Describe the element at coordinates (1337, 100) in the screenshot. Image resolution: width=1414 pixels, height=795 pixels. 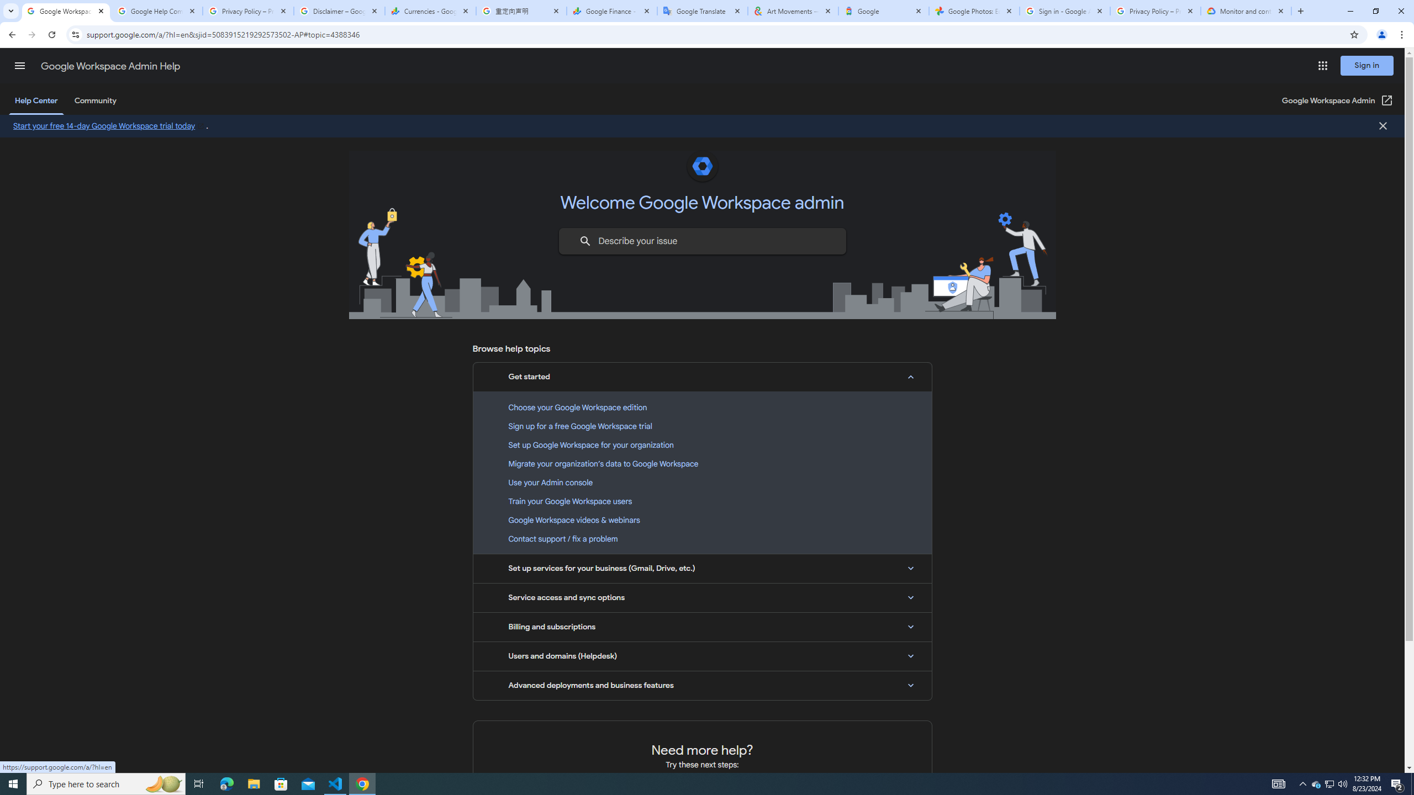
I see `'Google Workspace Admin (Open in a new window)'` at that location.